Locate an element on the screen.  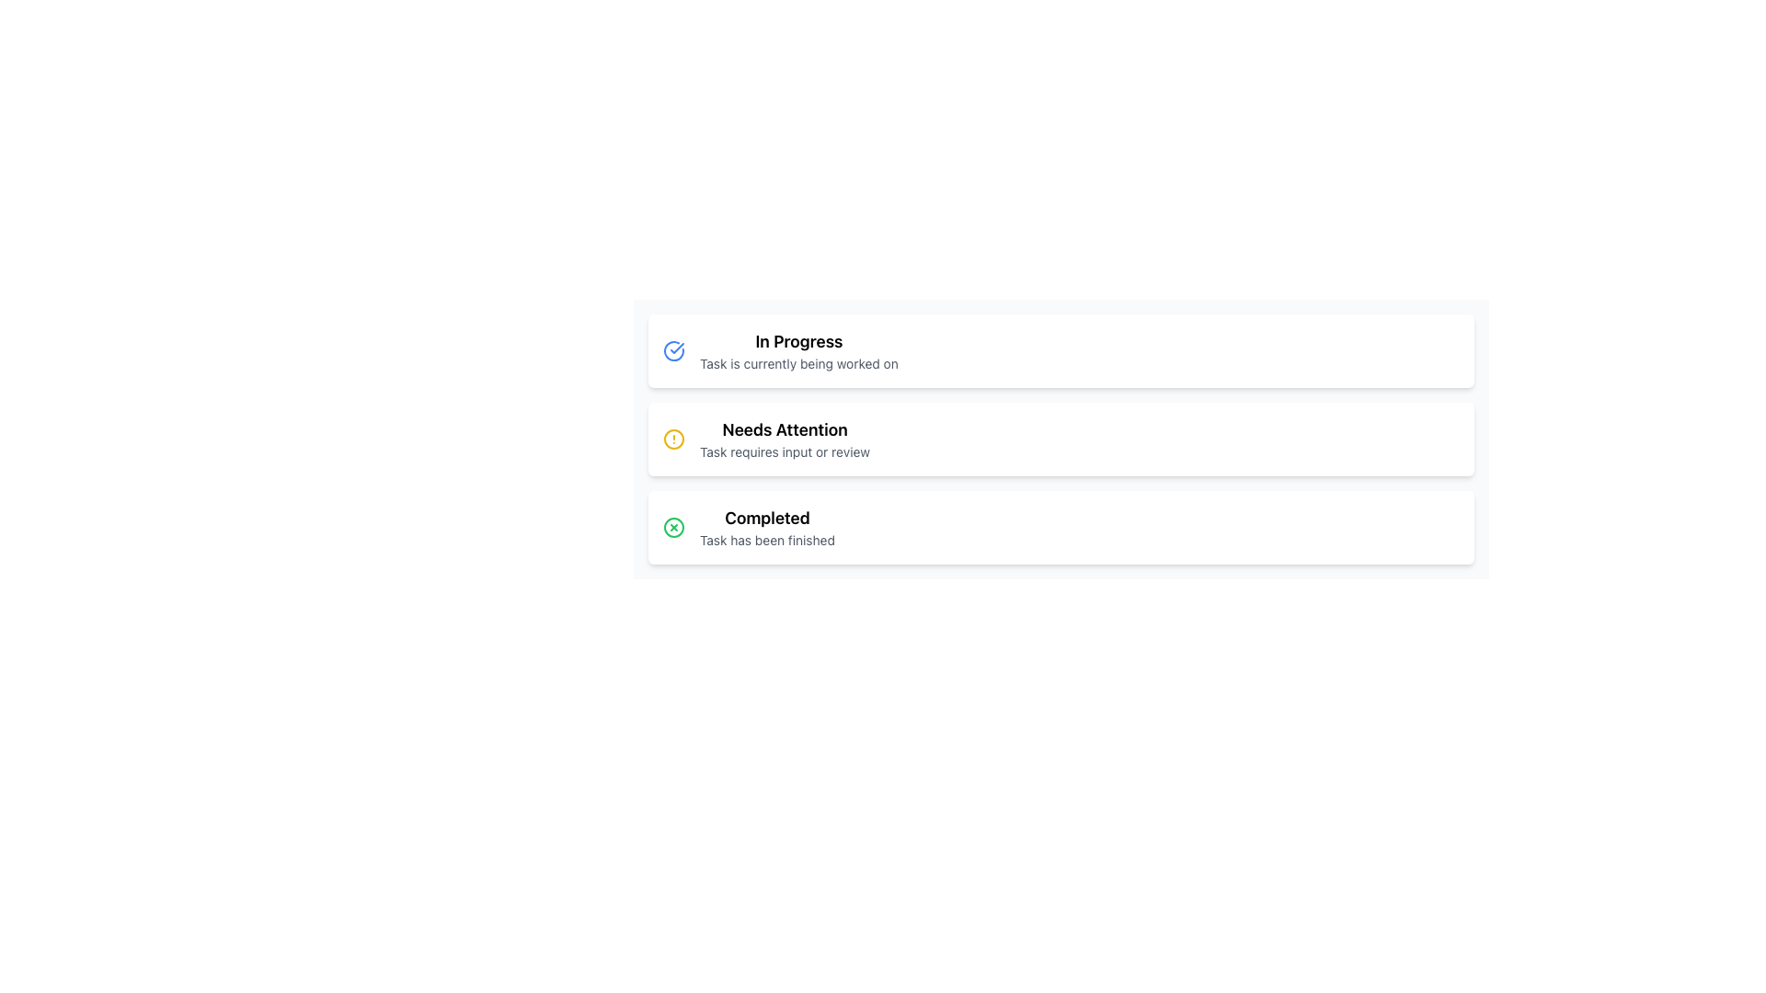
the static informational text displaying 'Task is currently being worked on' that is styled in gray and located below the 'In Progress' heading within a card layout is located at coordinates (798, 364).